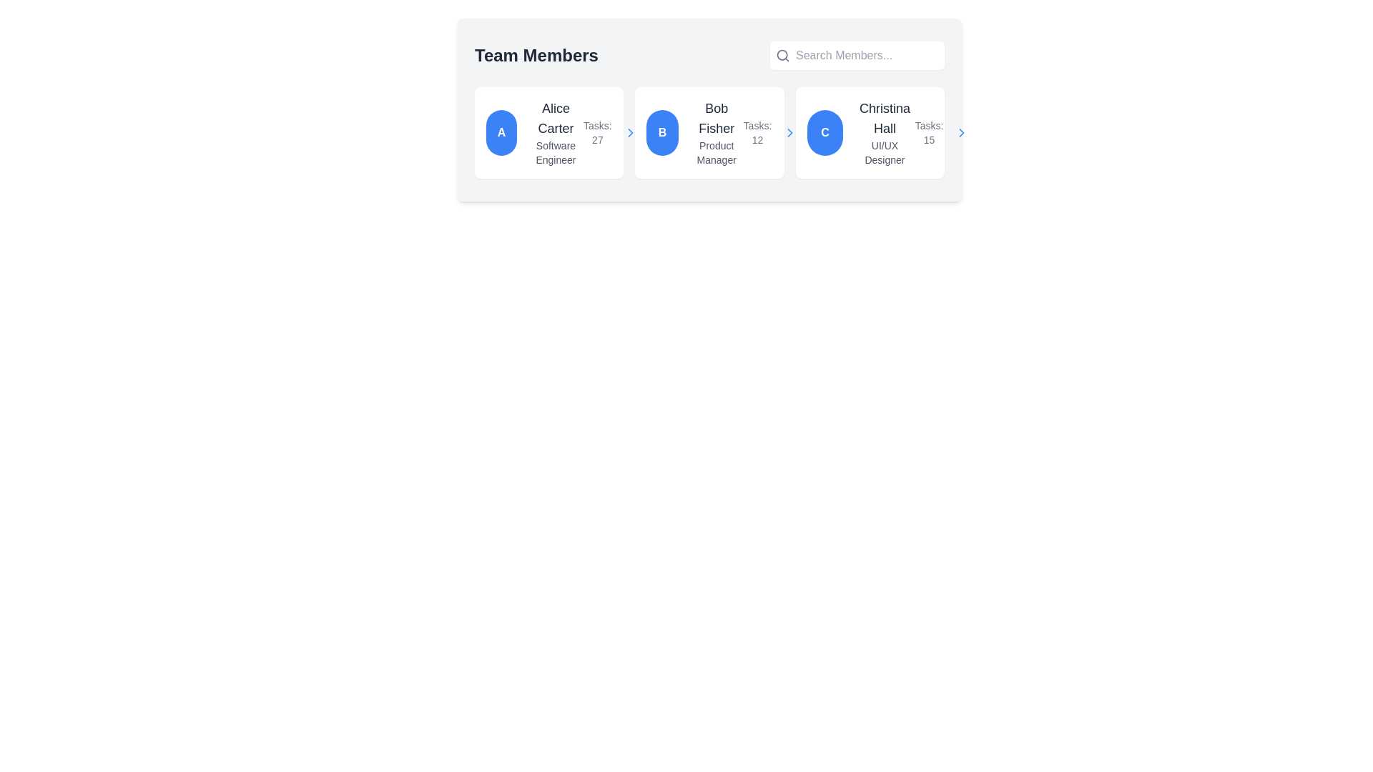 Image resolution: width=1373 pixels, height=772 pixels. Describe the element at coordinates (929, 132) in the screenshot. I see `the 'Tasks: 15' text label, which is a small gray font label located within the profile card of 'Christina Hall', positioned to the left of the interactive blue button` at that location.